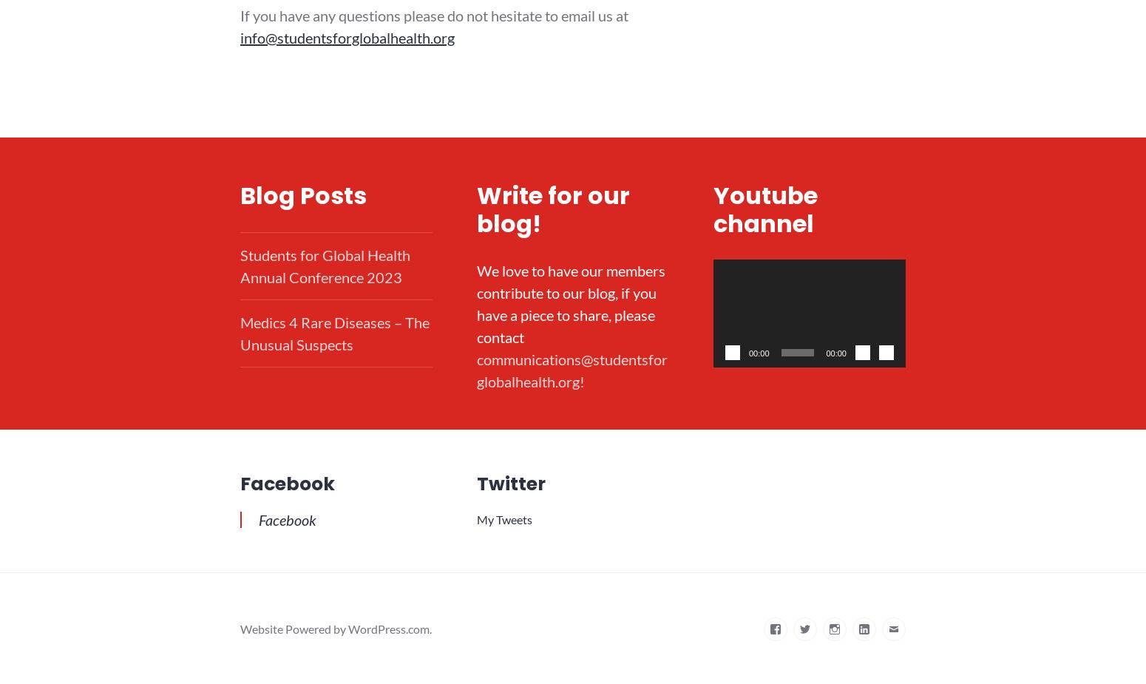 This screenshot has height=684, width=1146. What do you see at coordinates (509, 484) in the screenshot?
I see `'Twitter'` at bounding box center [509, 484].